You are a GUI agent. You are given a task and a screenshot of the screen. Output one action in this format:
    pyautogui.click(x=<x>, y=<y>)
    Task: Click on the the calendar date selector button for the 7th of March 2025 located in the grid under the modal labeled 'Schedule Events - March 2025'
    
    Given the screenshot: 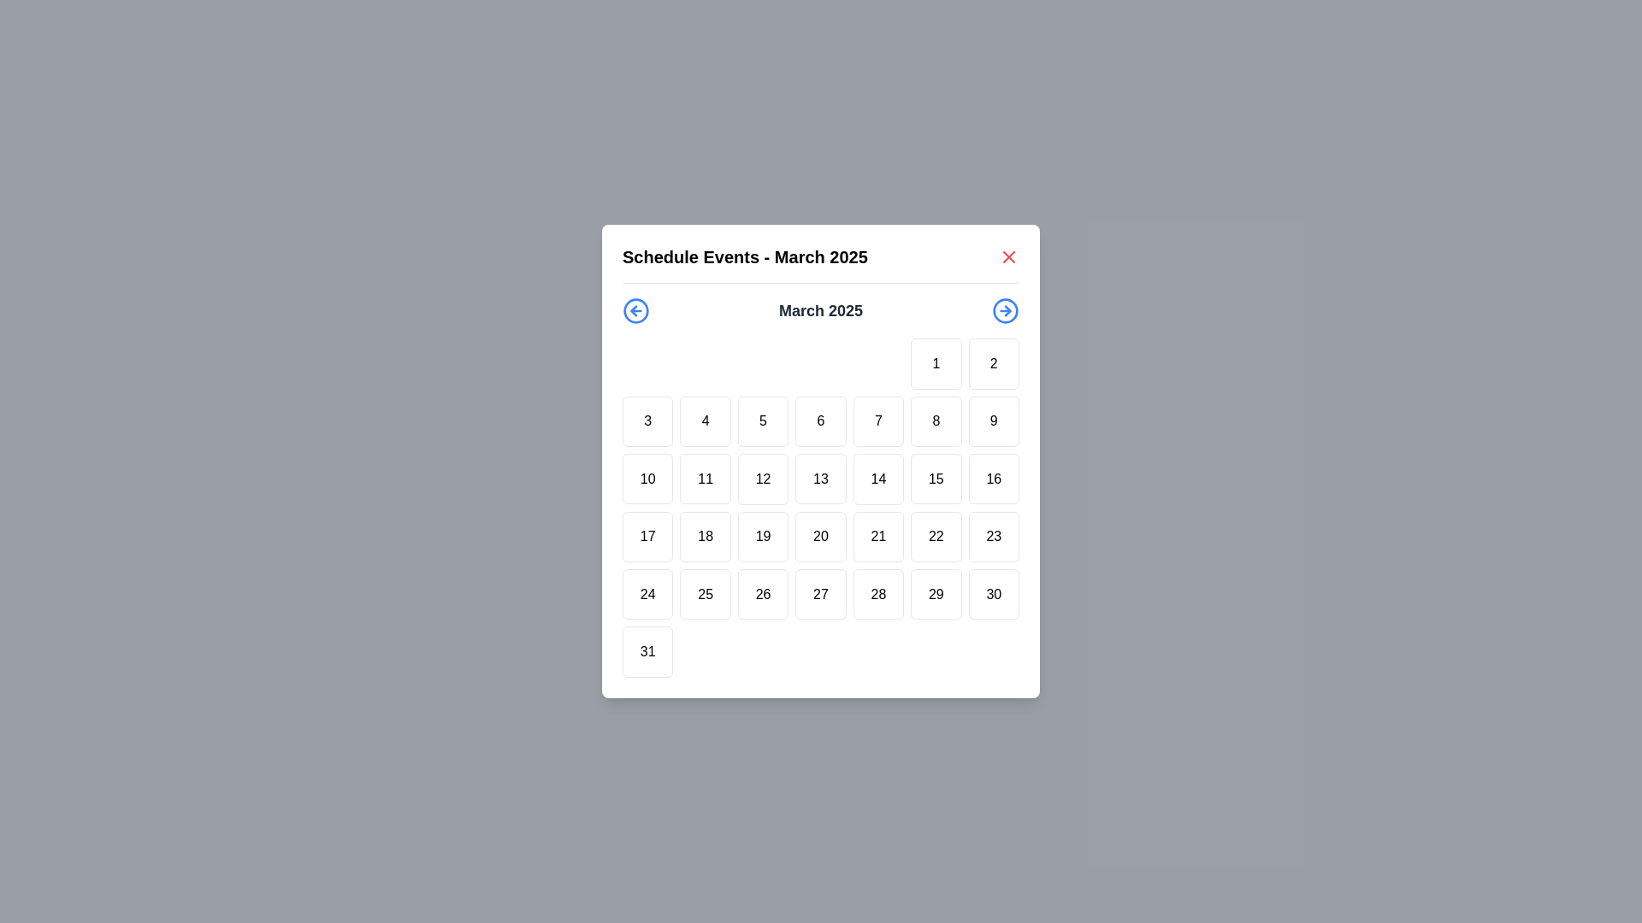 What is the action you would take?
    pyautogui.click(x=878, y=421)
    